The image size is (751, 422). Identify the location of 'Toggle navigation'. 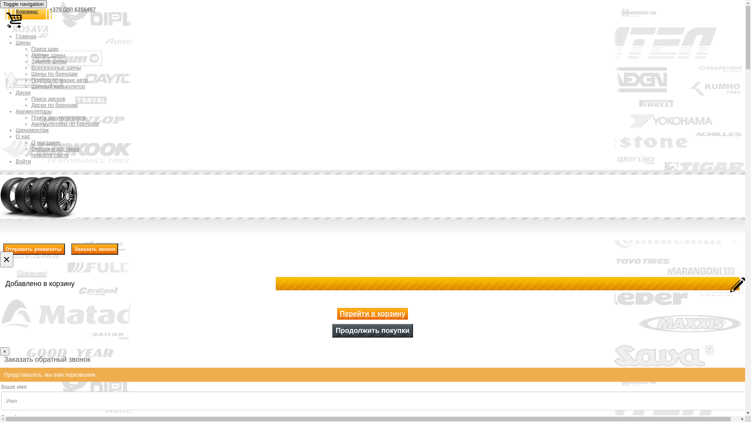
(23, 4).